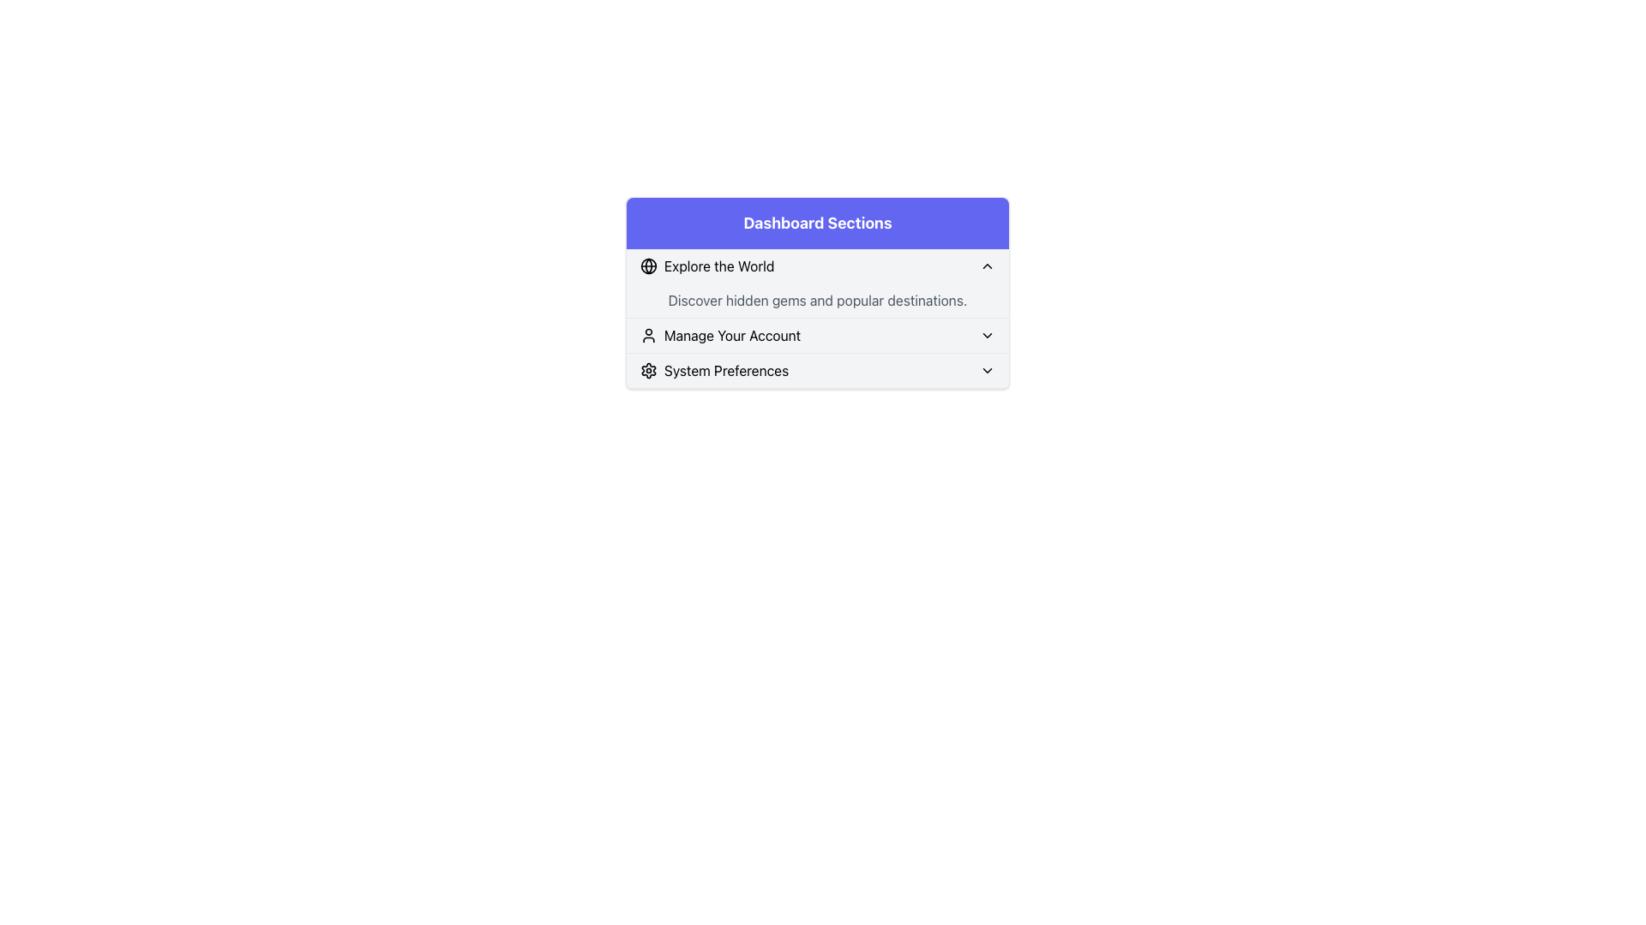  Describe the element at coordinates (817, 283) in the screenshot. I see `the 'Explore the World' Information Card located in the first section of the dashboard interface under 'Dashboard Sections', which is the topmost item in the list` at that location.